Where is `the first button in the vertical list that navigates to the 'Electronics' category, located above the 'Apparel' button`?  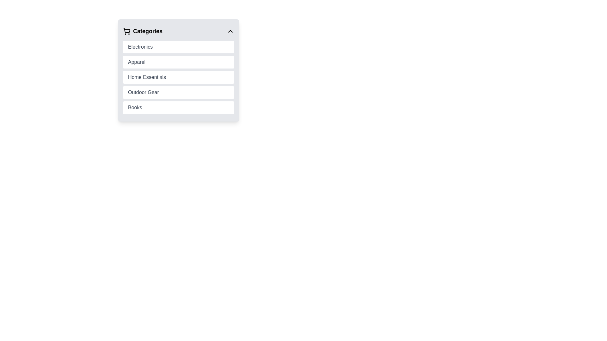
the first button in the vertical list that navigates to the 'Electronics' category, located above the 'Apparel' button is located at coordinates (178, 47).